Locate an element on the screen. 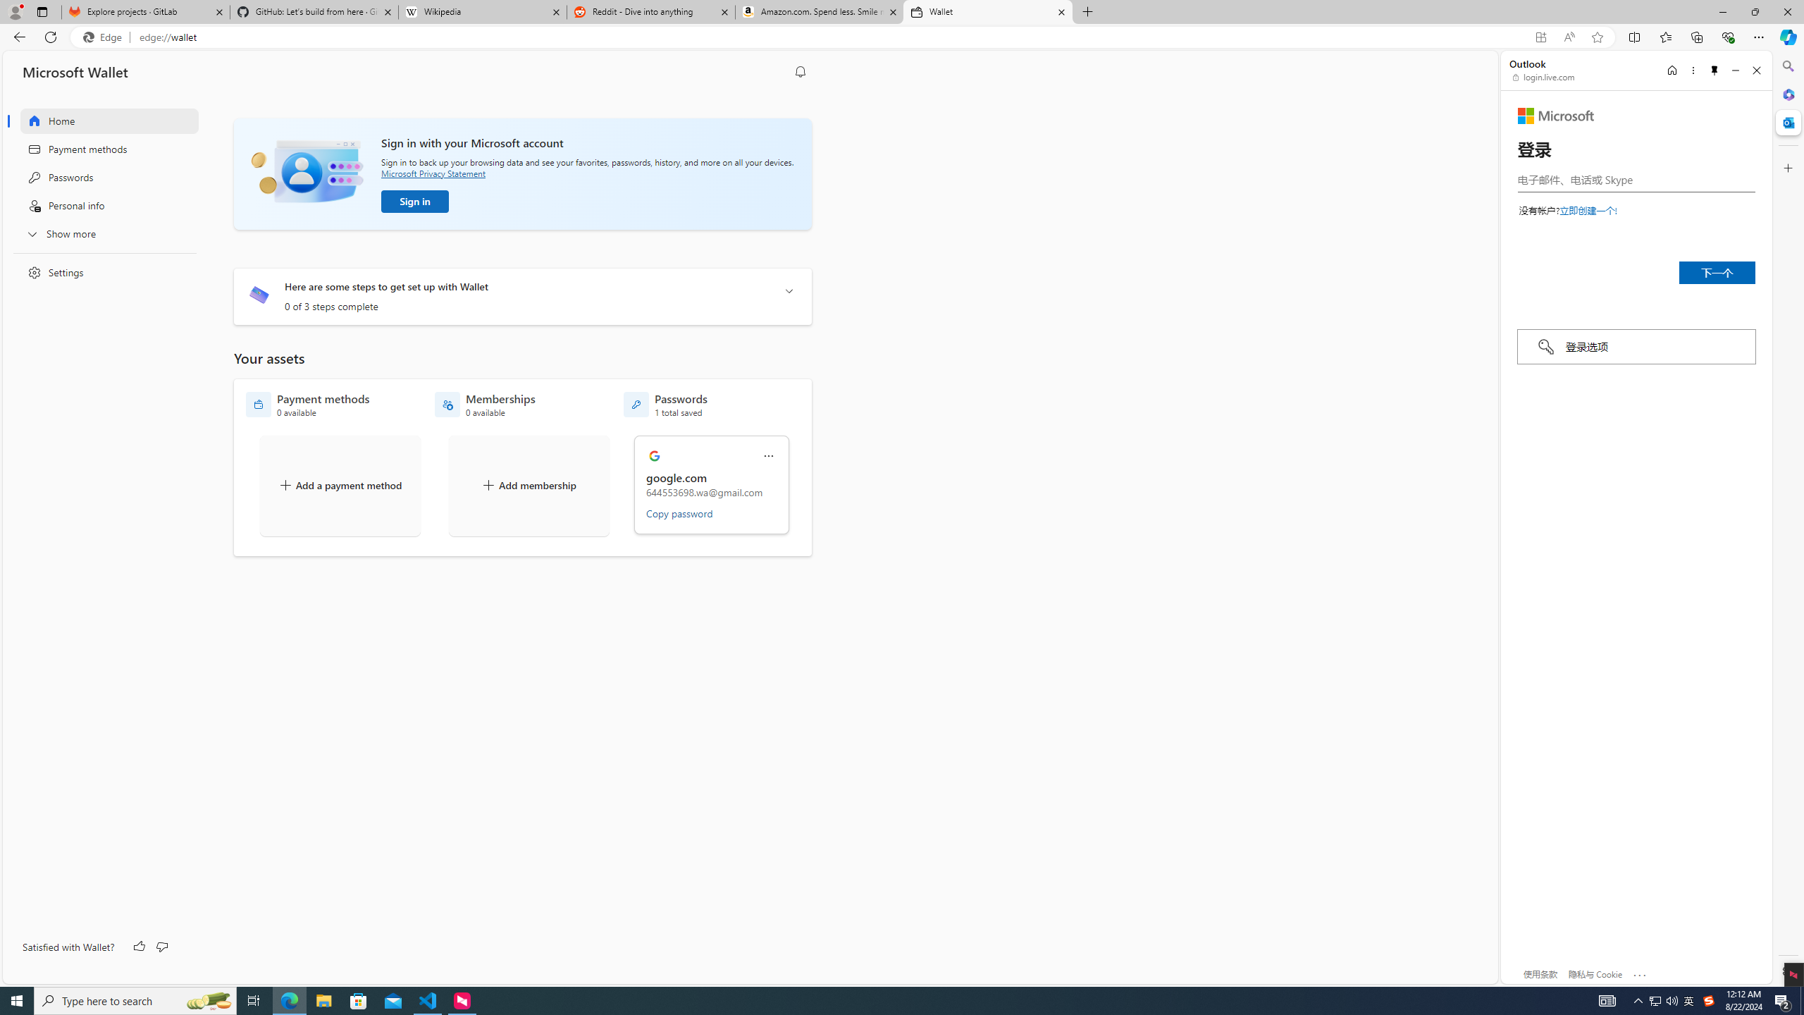 The height and width of the screenshot is (1015, 1804). 'Add a payment method' is located at coordinates (339, 486).